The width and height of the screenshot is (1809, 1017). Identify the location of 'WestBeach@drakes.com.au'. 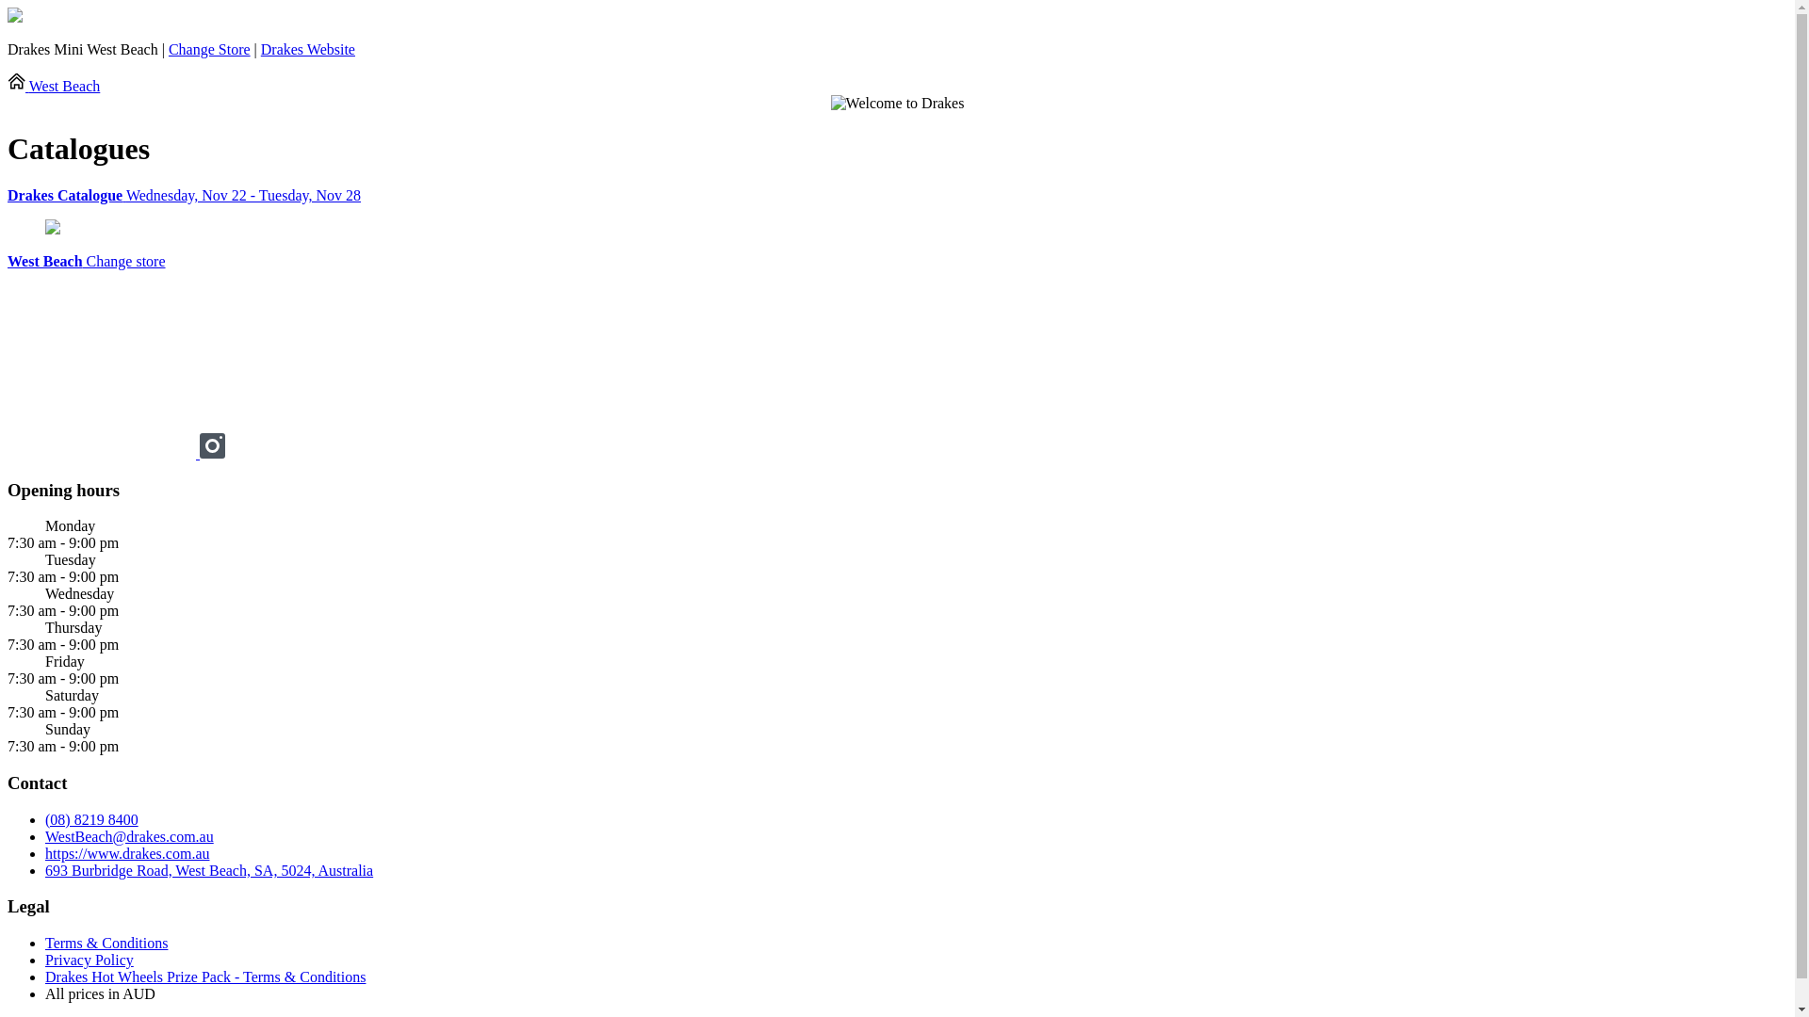
(128, 835).